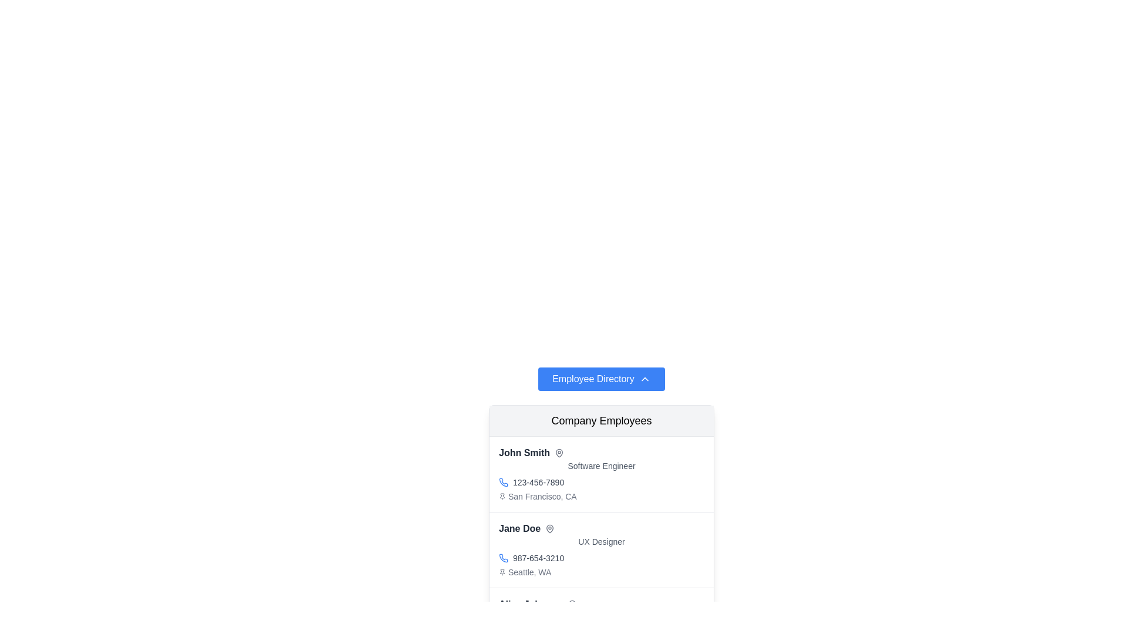  What do you see at coordinates (602, 541) in the screenshot?
I see `the 'UX Designer' text label located below the name 'Jane Doe' in the profile card` at bounding box center [602, 541].